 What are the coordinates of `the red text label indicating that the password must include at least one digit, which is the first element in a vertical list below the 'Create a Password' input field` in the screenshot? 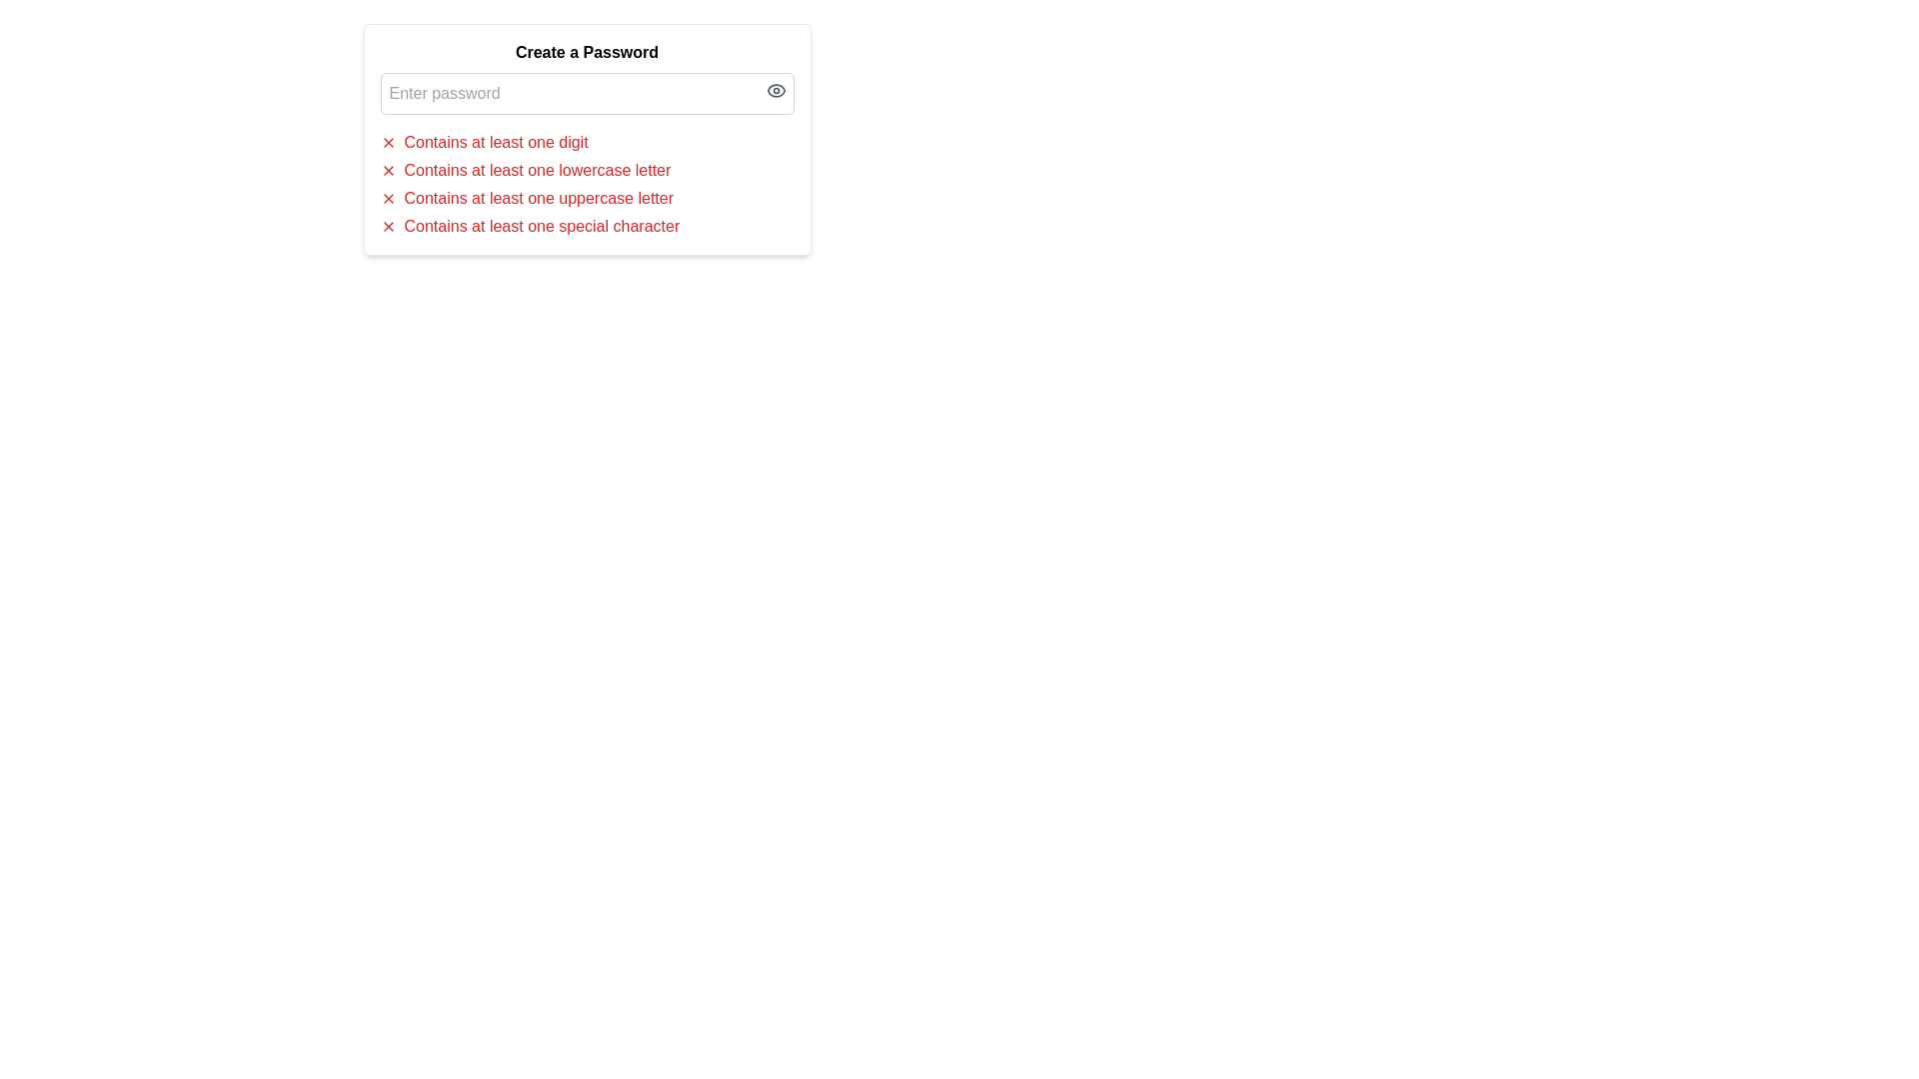 It's located at (496, 141).